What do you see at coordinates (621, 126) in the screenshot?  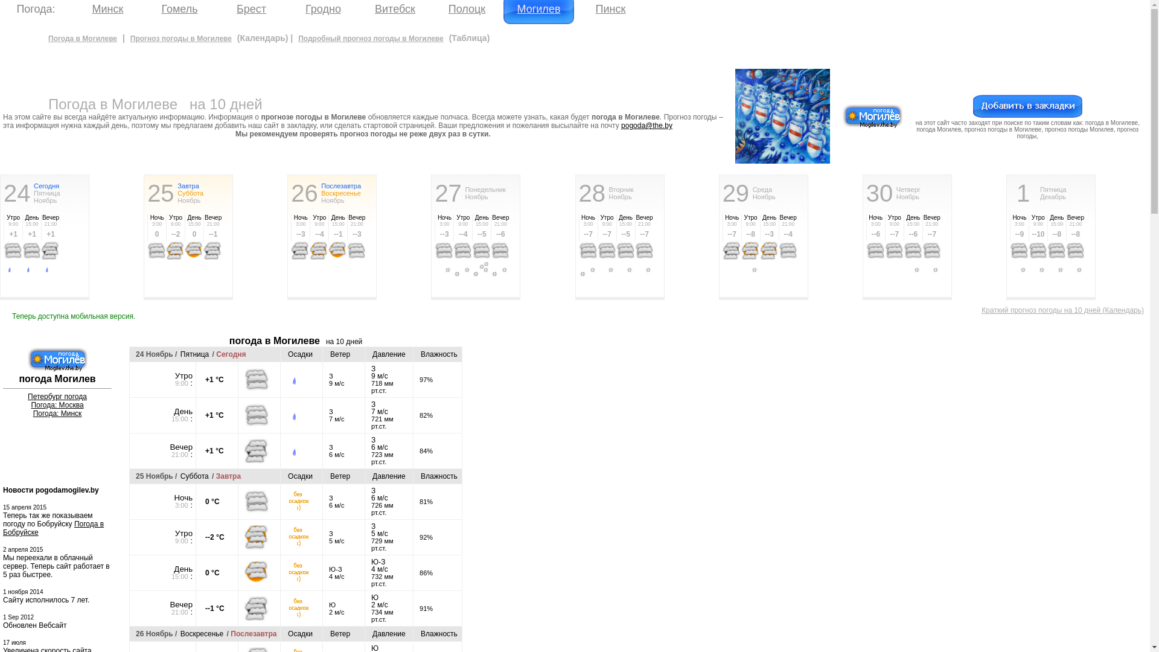 I see `'pogoda@the.by'` at bounding box center [621, 126].